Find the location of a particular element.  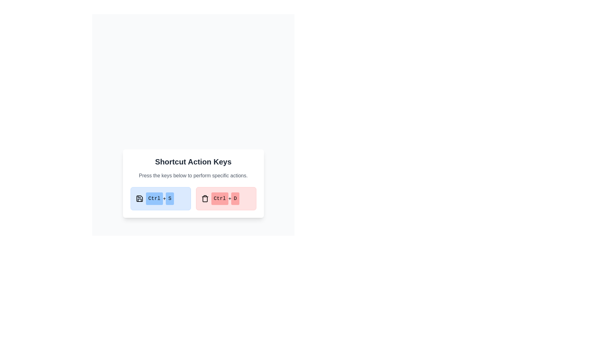

the save icon located to the left of the blue 'Ctrl + S' button is located at coordinates (139, 198).